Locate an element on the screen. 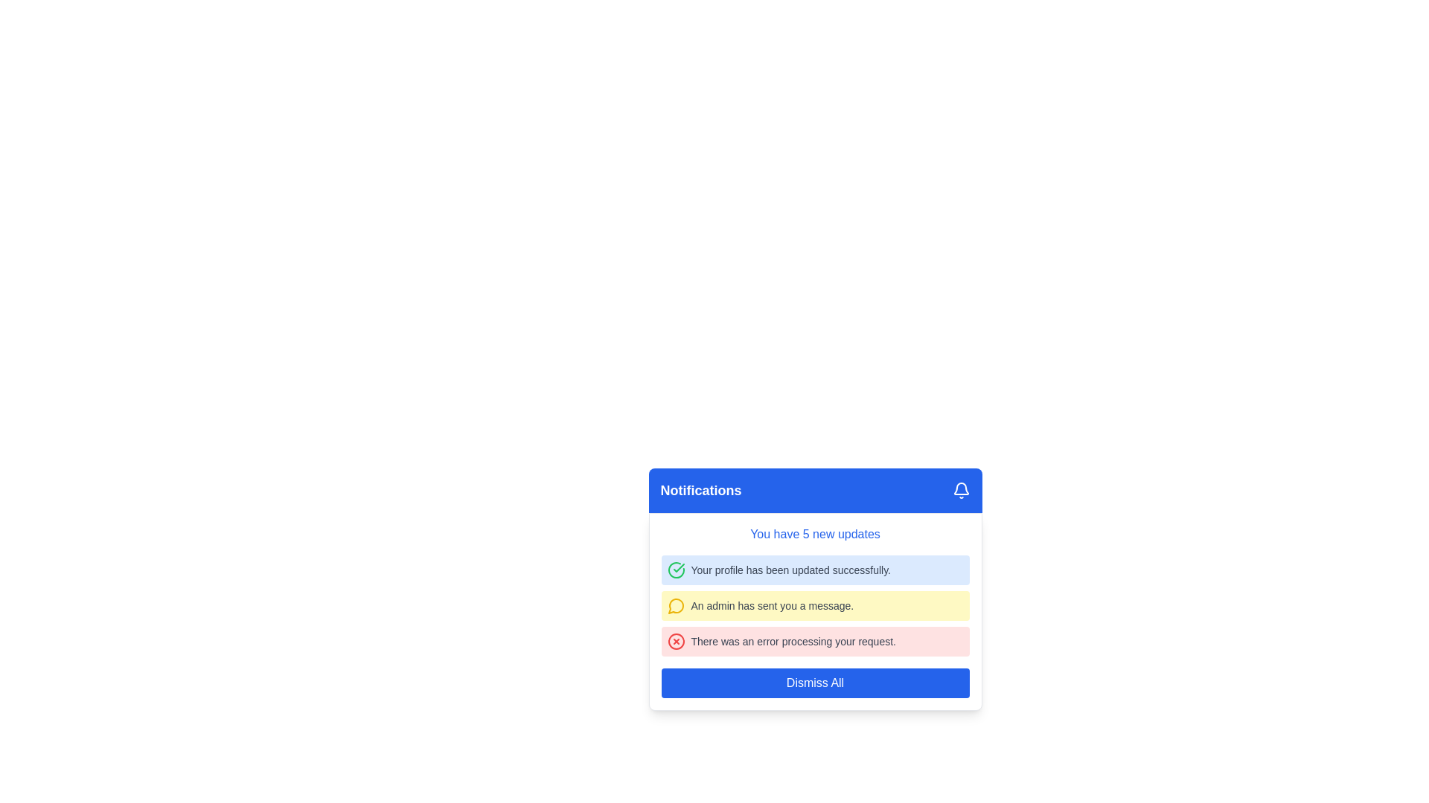 This screenshot has width=1429, height=803. the error state indicator represented by a vector graphic circle component in the last notification entry of the notification panel is located at coordinates (675, 641).